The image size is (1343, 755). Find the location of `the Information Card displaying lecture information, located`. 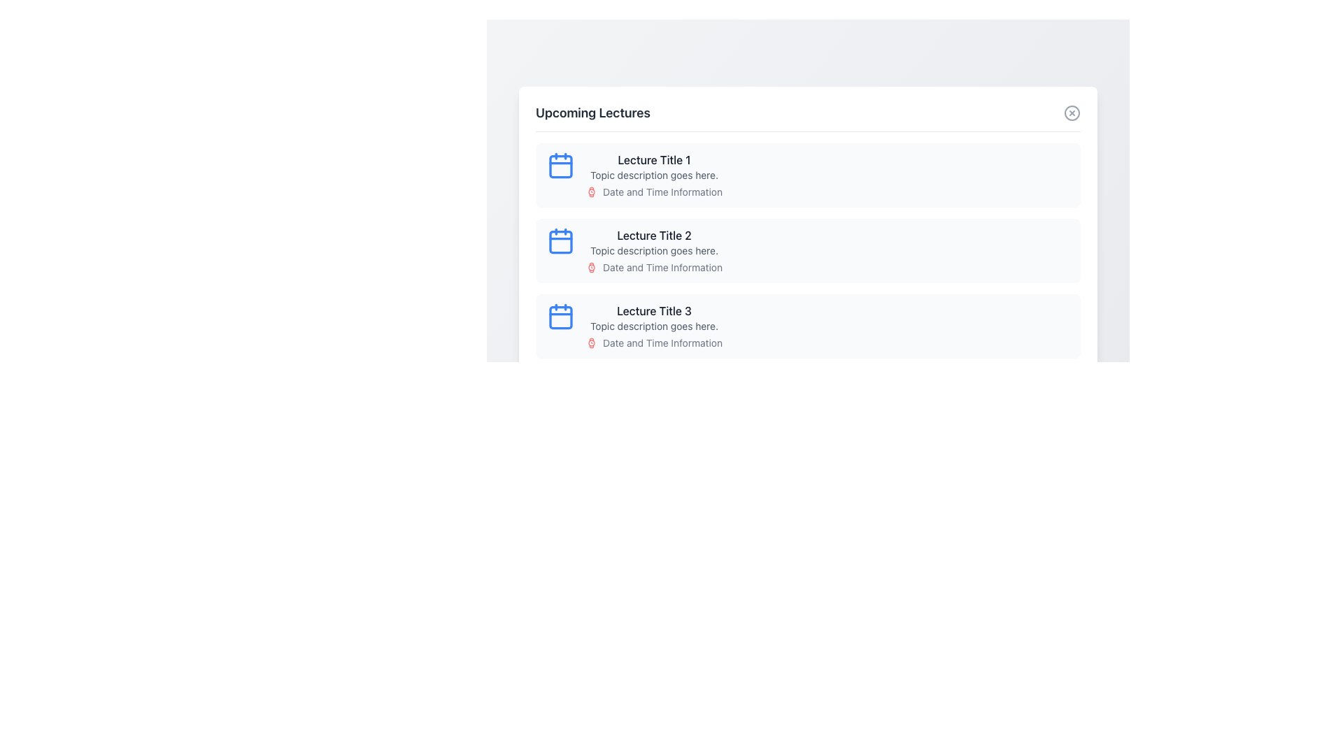

the Information Card displaying lecture information, located is located at coordinates (653, 326).